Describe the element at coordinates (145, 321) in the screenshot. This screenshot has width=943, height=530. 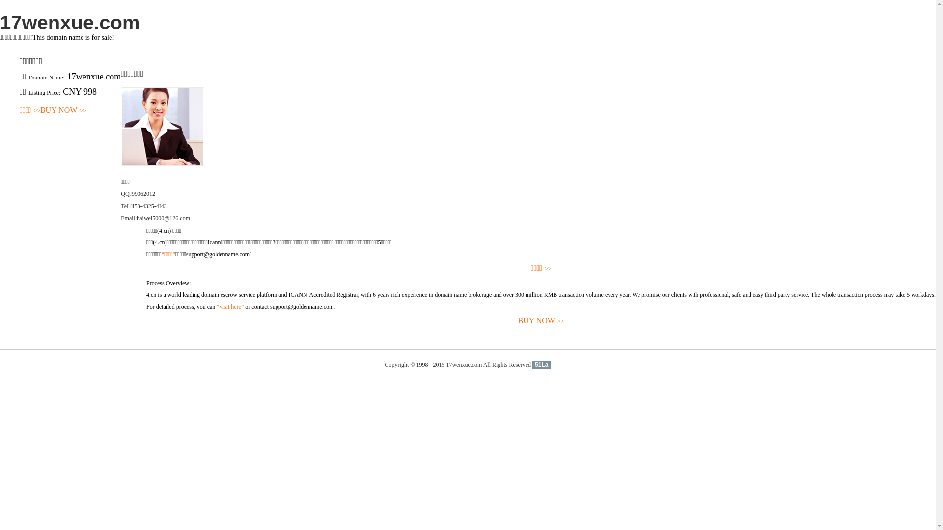
I see `'BUY NOW>>'` at that location.